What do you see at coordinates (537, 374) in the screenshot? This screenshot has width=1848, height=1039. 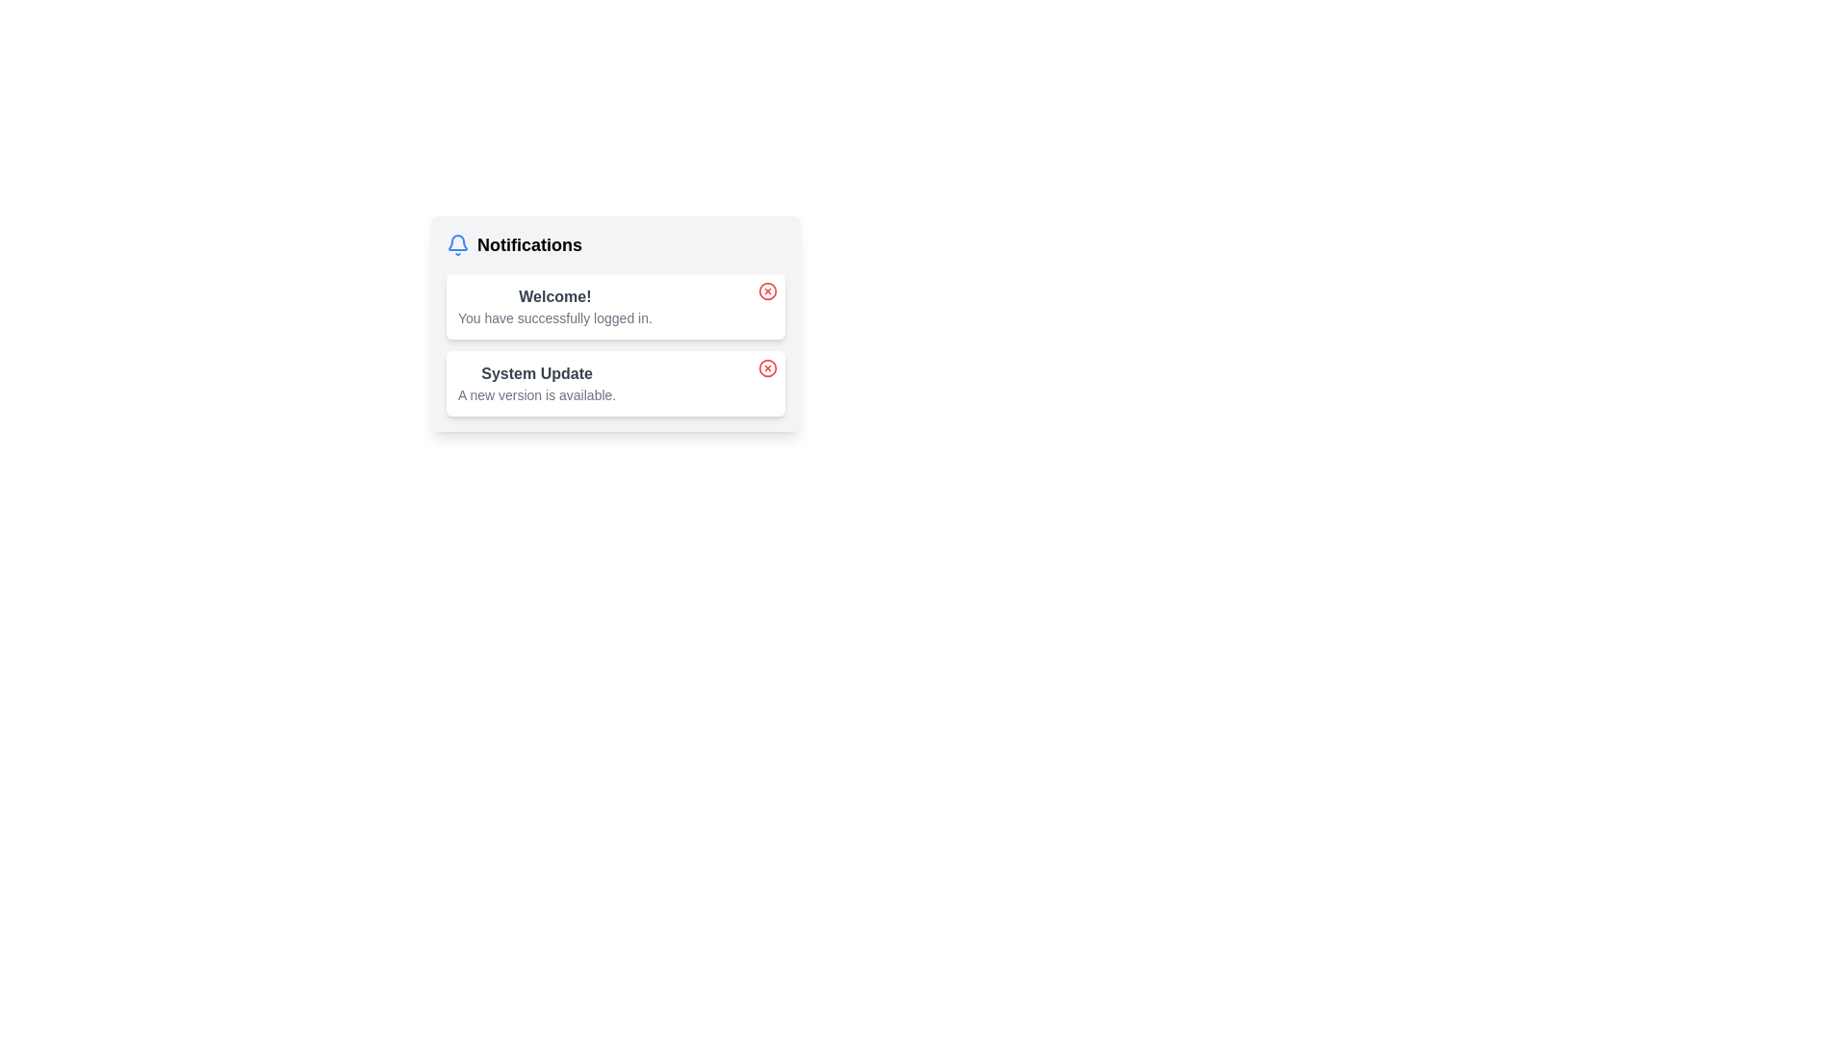 I see `the Text Label indicating that a system update is available, located at the top of the notification message group` at bounding box center [537, 374].